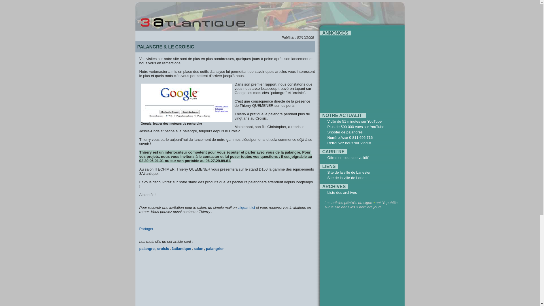 Image resolution: width=544 pixels, height=306 pixels. Describe the element at coordinates (341, 192) in the screenshot. I see `'Liste des archives'` at that location.